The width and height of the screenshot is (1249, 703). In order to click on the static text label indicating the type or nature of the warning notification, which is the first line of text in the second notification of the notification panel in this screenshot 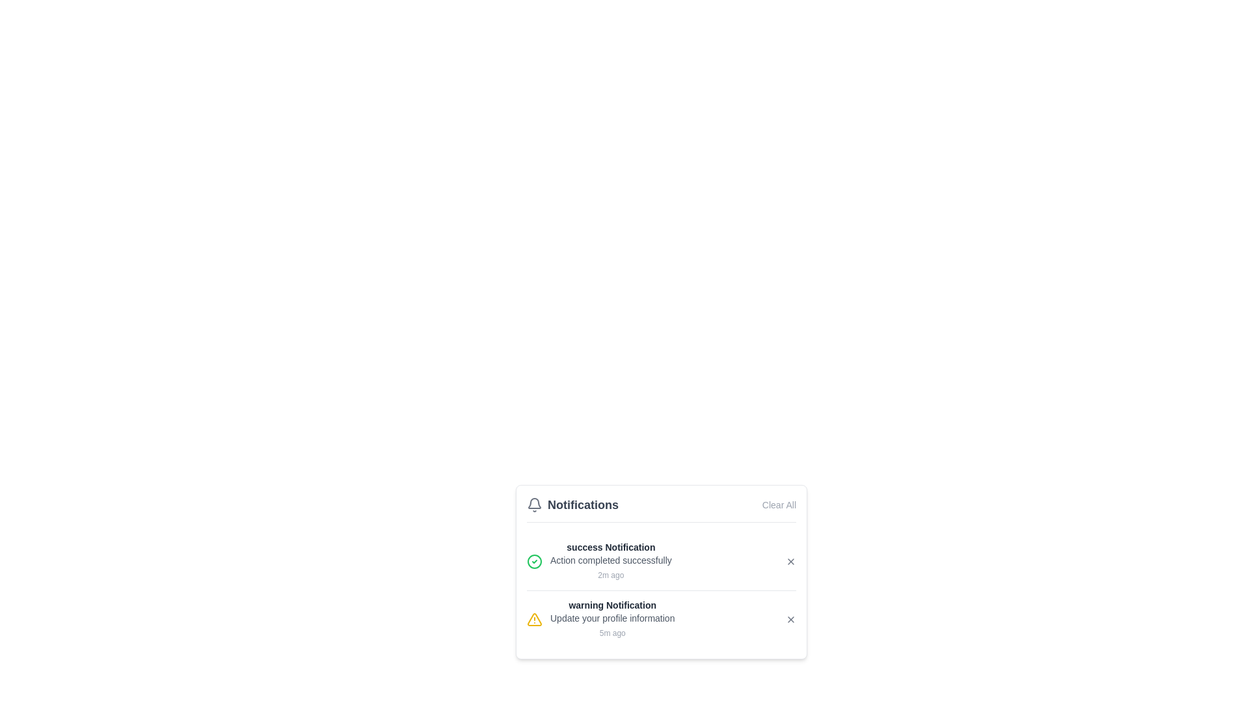, I will do `click(611, 605)`.